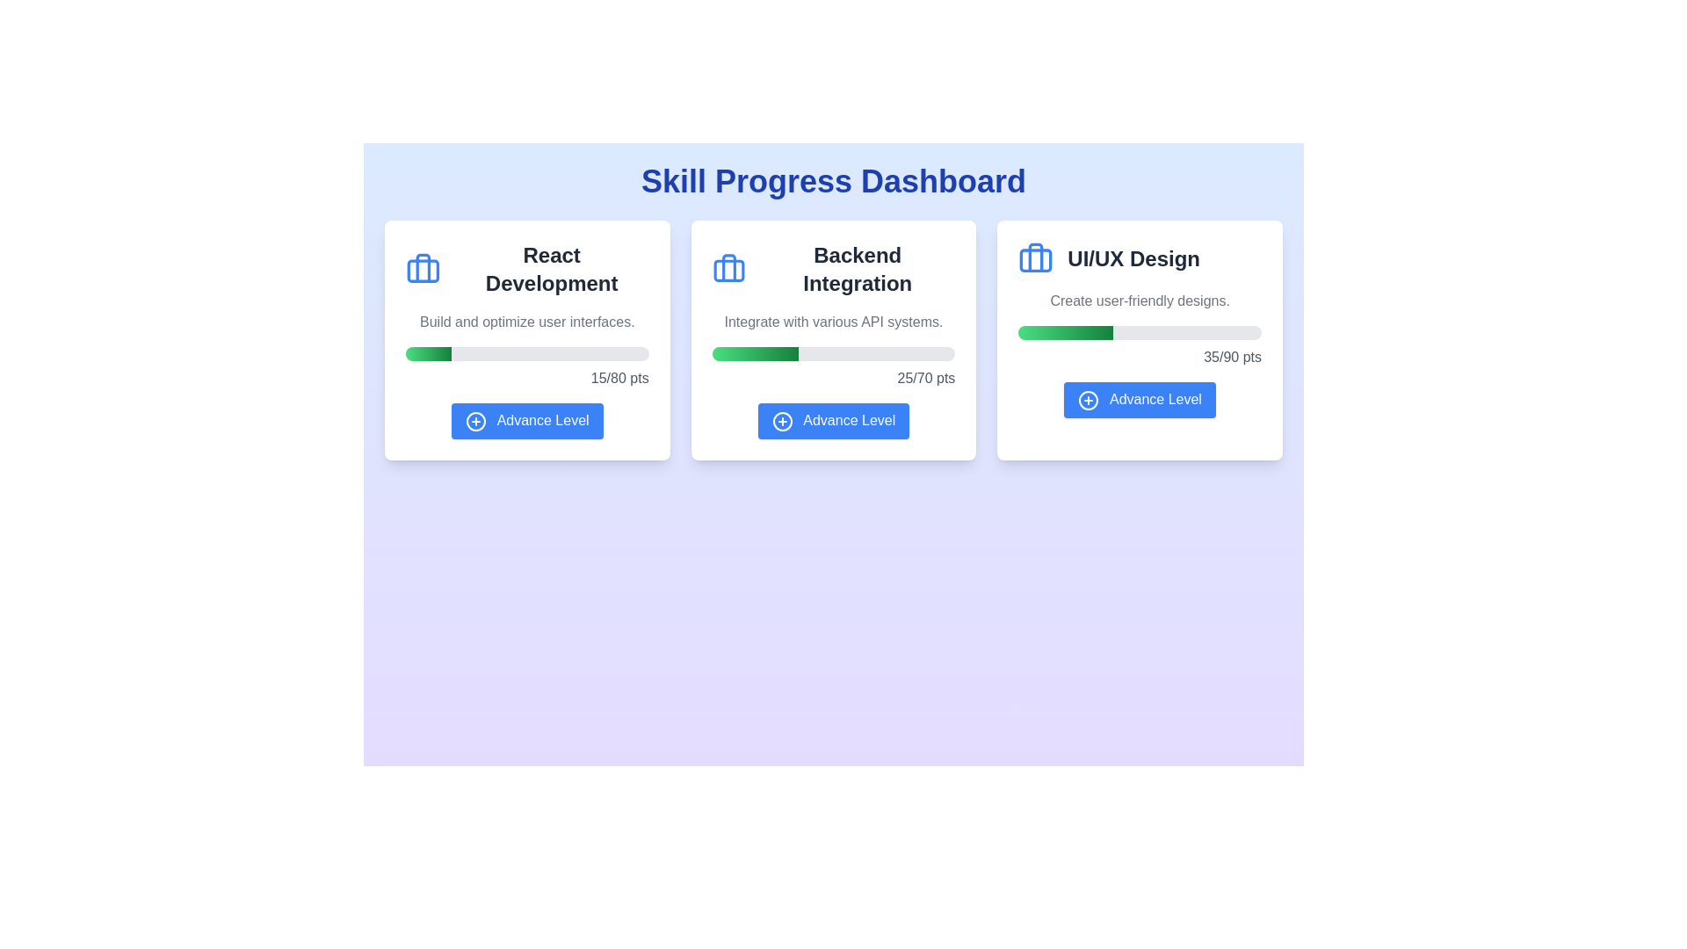 The height and width of the screenshot is (949, 1687). What do you see at coordinates (423, 270) in the screenshot?
I see `the briefcase icon located near the top-left corner of the 'React Development' card in the Skill Progress Dashboard, which symbolizes work-related skills or professional development` at bounding box center [423, 270].